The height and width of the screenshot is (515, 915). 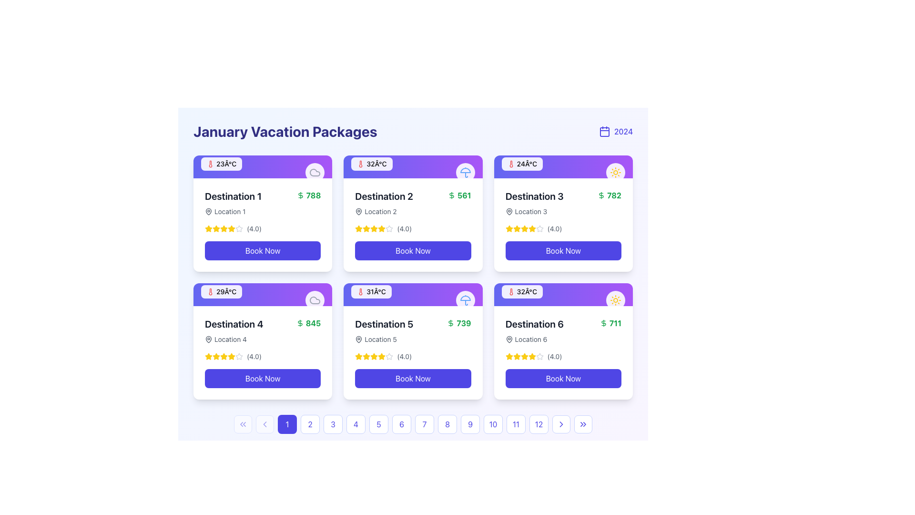 I want to click on the purple 'Book Now' button with bold white text located at the bottom of the 'Destination 5' card to initiate the booking, so click(x=413, y=378).